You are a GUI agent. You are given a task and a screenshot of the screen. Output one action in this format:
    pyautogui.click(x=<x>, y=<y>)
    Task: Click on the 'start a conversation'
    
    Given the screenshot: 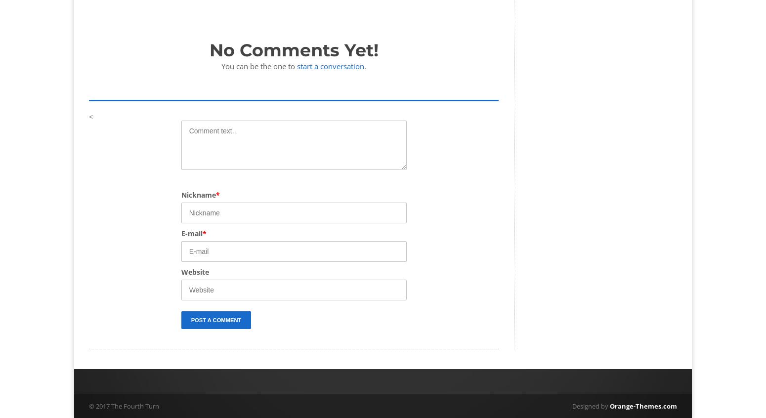 What is the action you would take?
    pyautogui.click(x=330, y=66)
    